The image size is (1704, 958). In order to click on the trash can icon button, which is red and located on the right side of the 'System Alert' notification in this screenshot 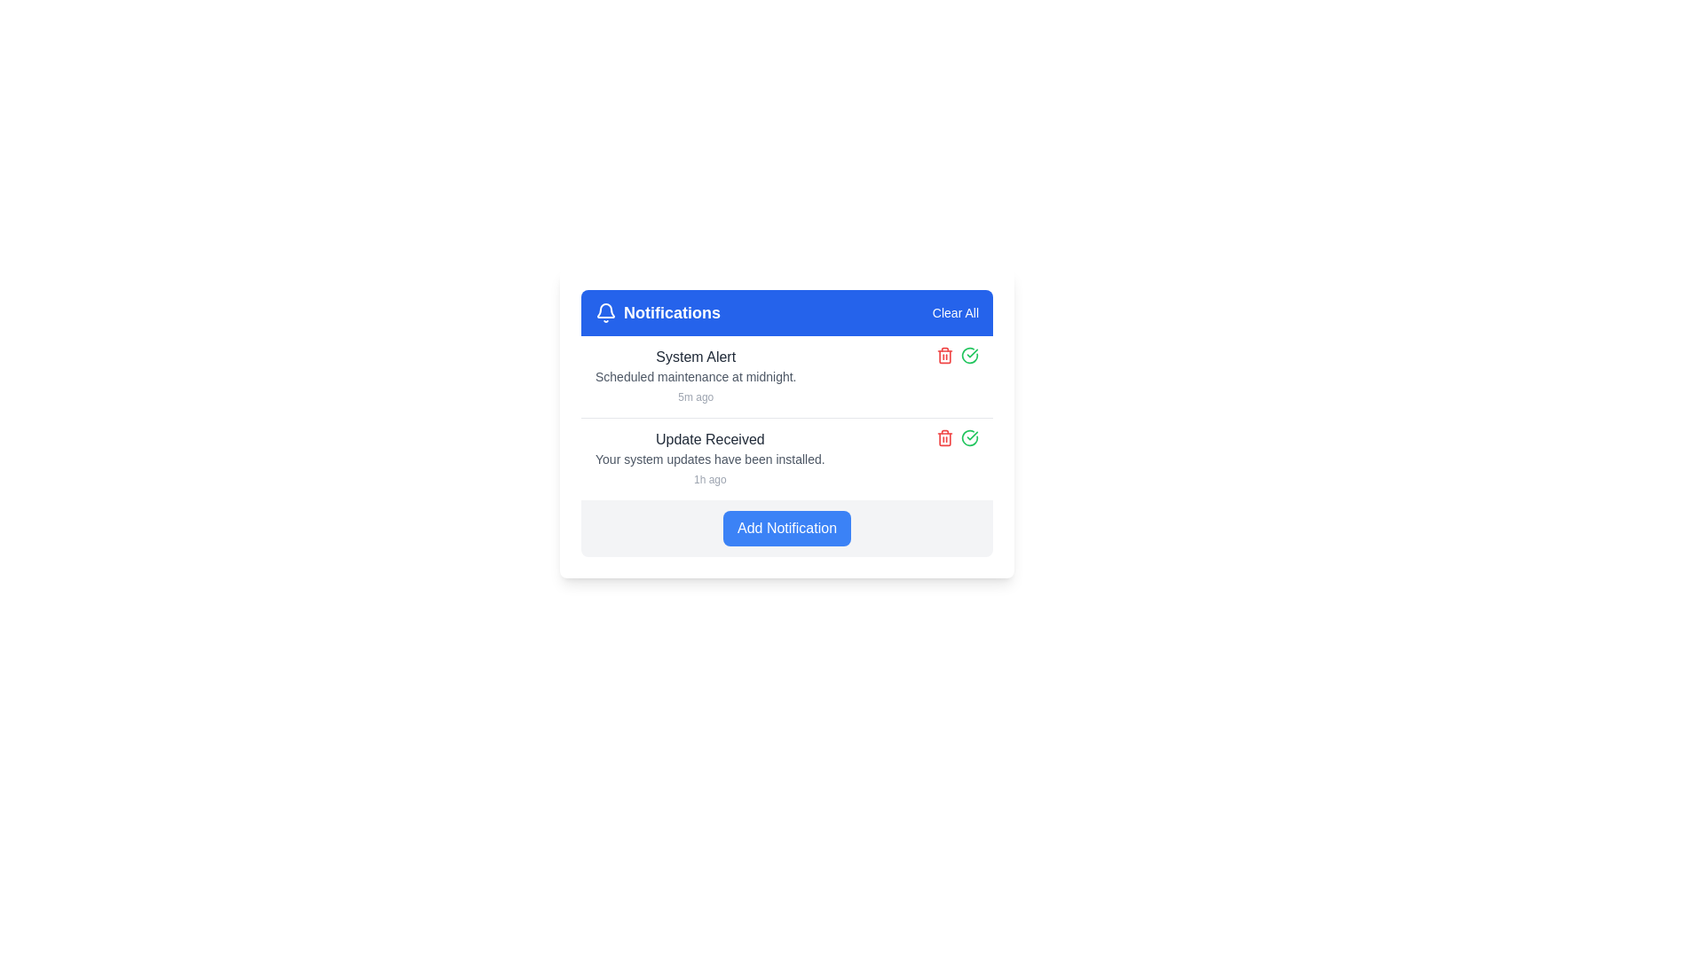, I will do `click(944, 437)`.